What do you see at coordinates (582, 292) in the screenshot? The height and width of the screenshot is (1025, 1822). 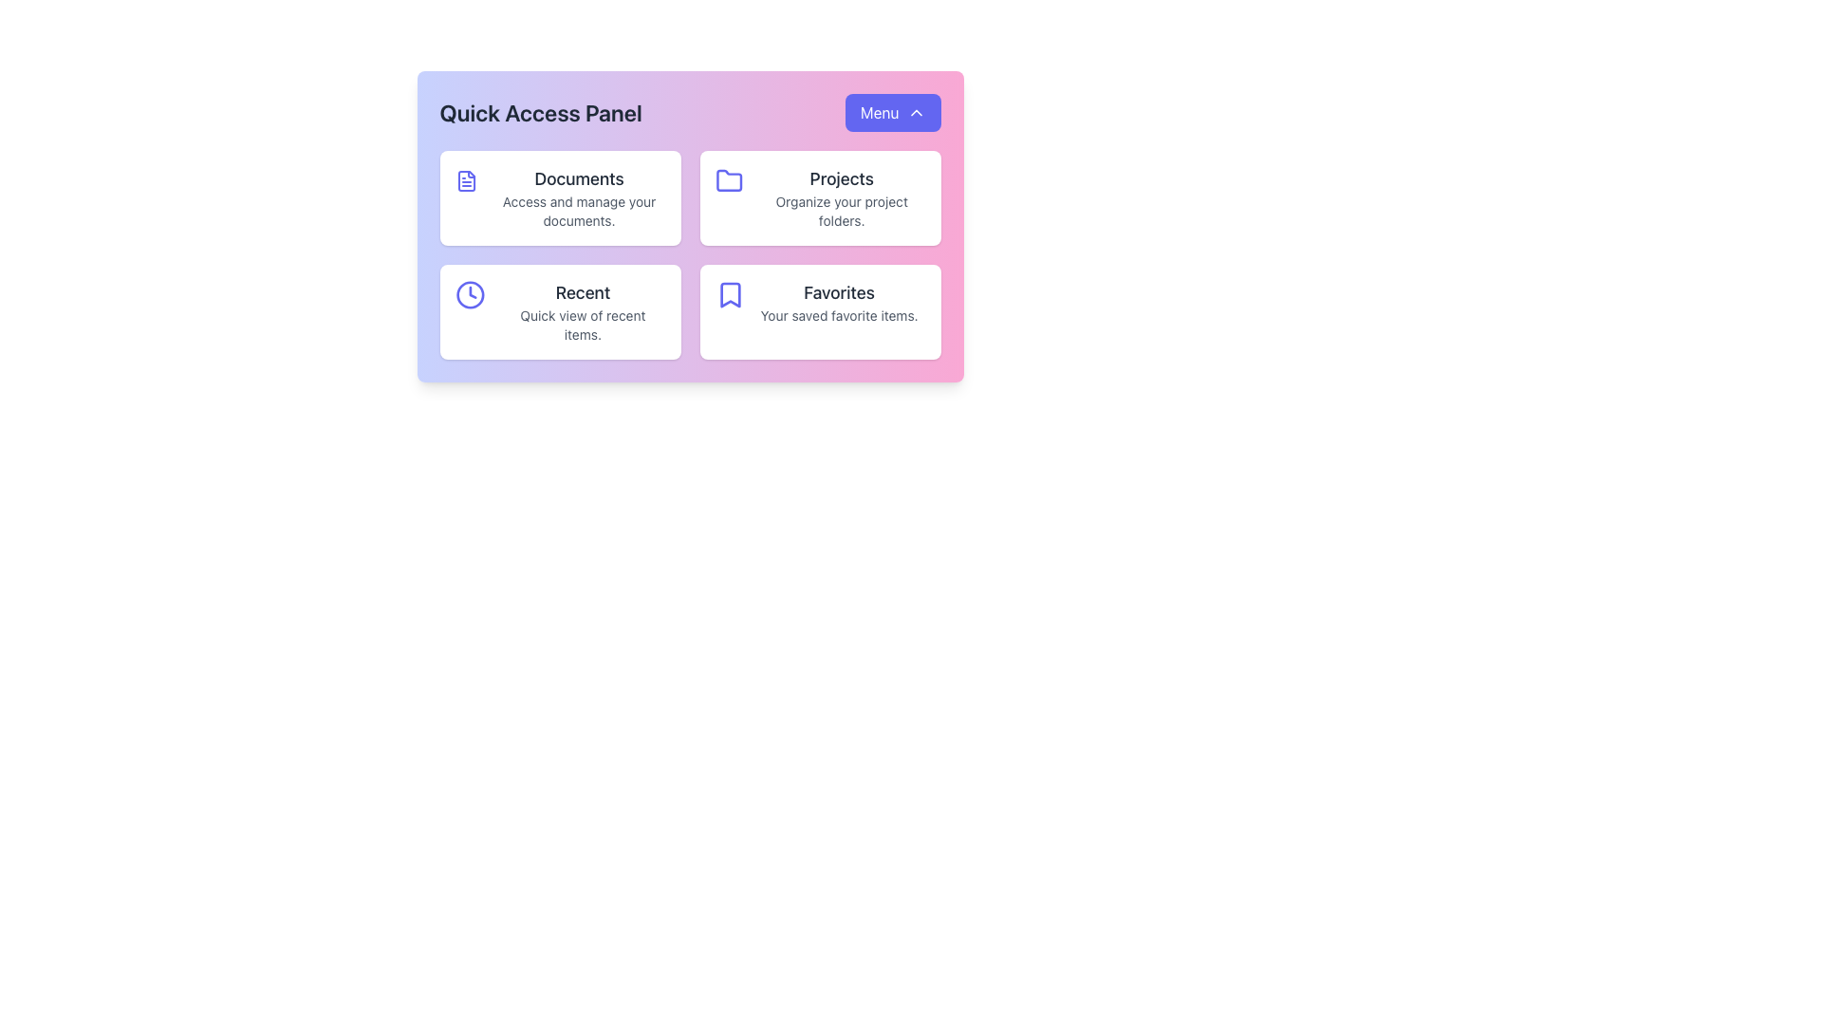 I see `the text label displaying 'Recent' in a large, bold font within the second card of the Quick Access Panel` at bounding box center [582, 292].